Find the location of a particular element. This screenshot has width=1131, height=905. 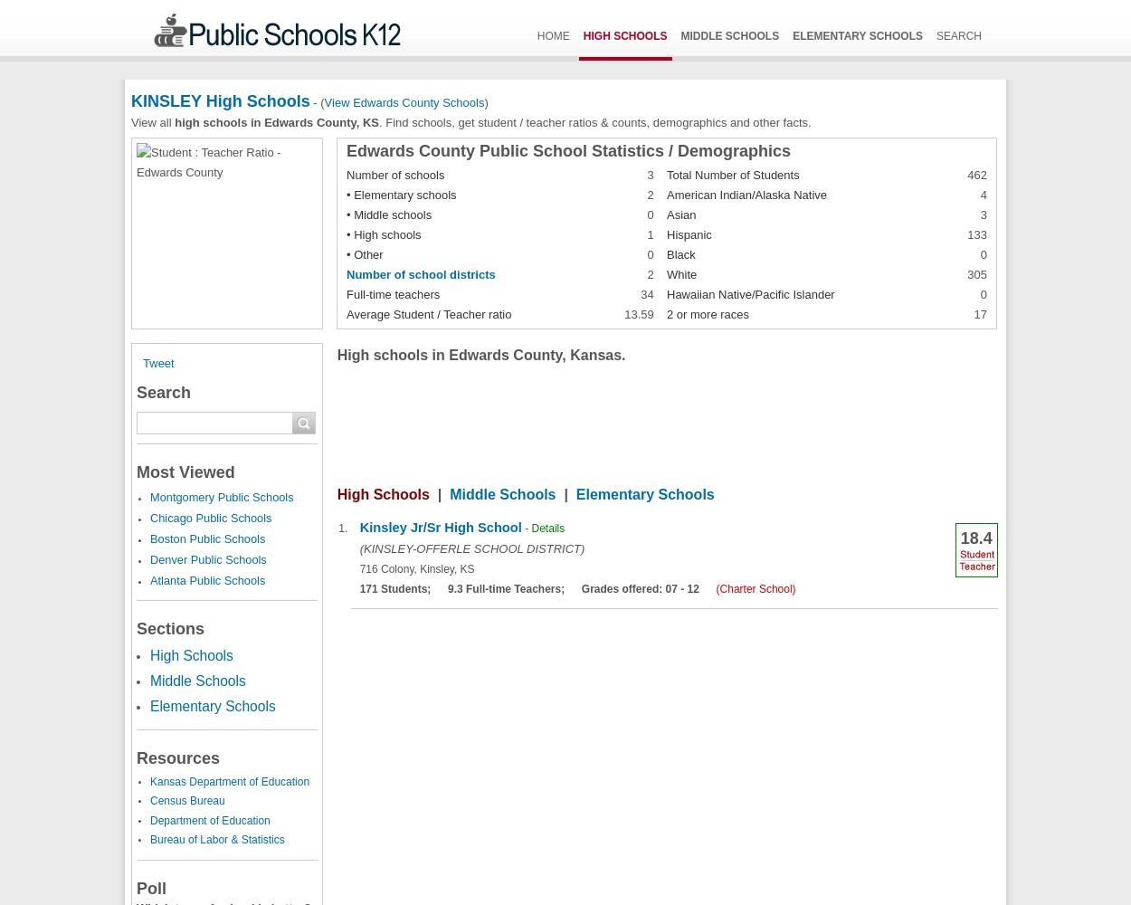

'Kansas Department of Education' is located at coordinates (230, 780).